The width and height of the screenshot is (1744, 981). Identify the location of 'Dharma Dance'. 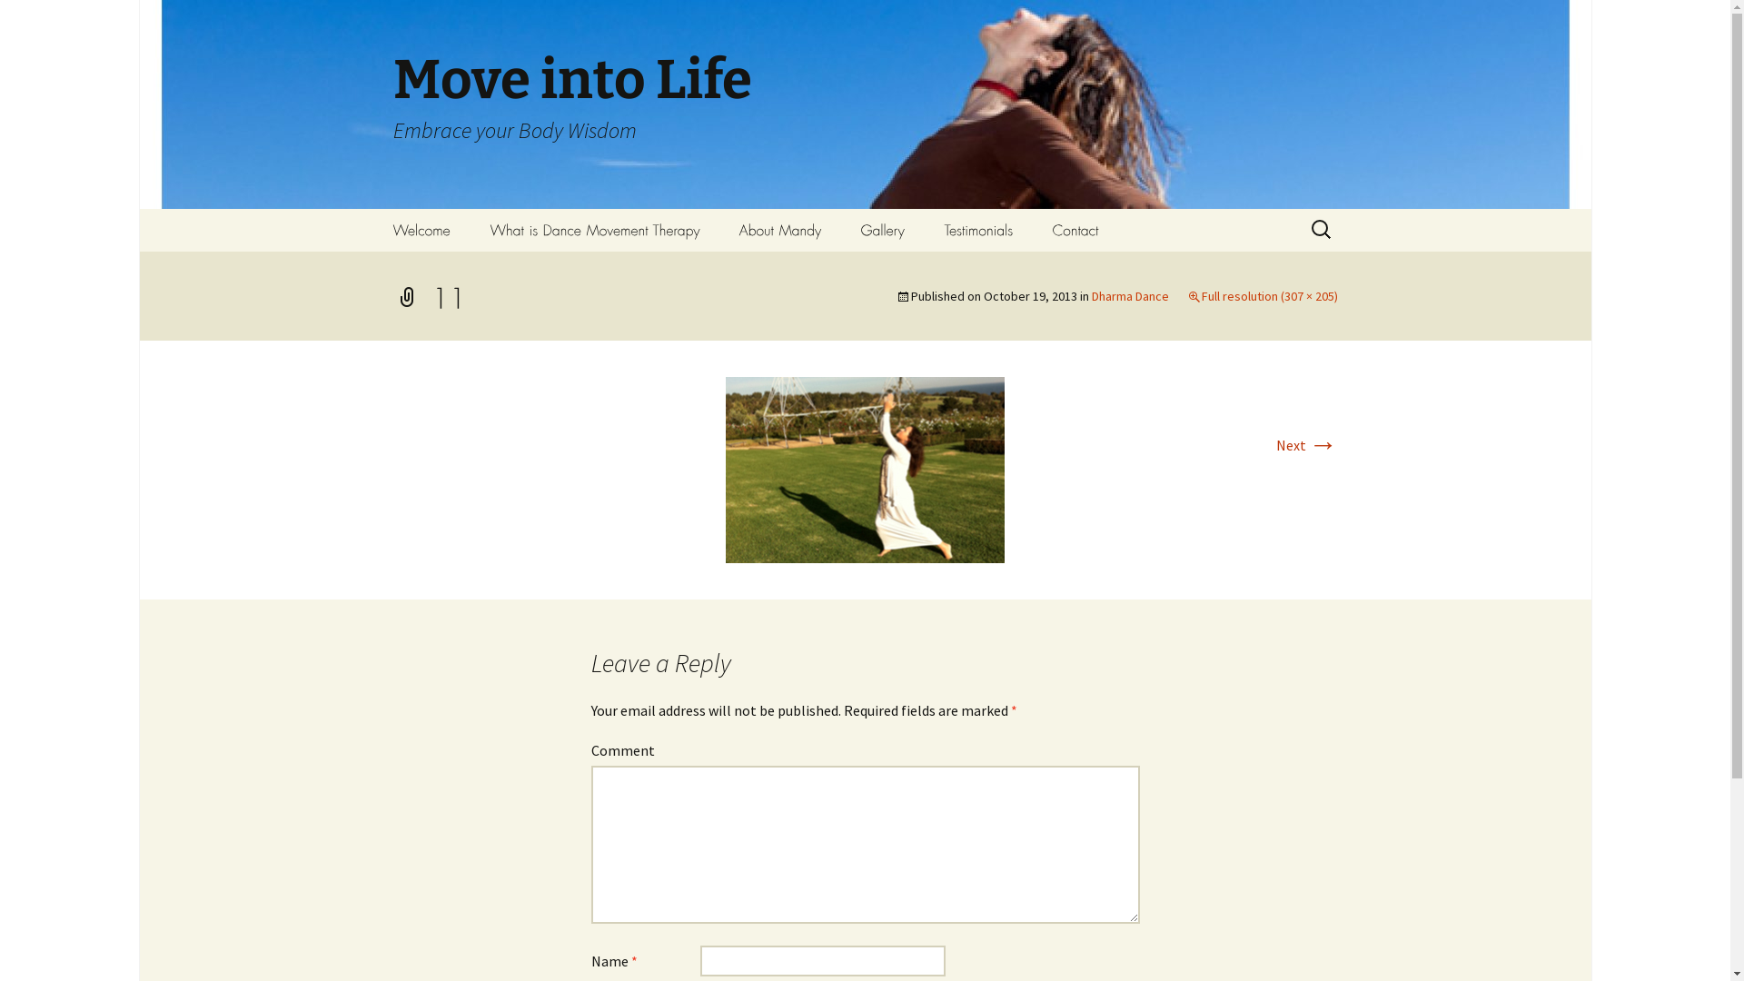
(1129, 295).